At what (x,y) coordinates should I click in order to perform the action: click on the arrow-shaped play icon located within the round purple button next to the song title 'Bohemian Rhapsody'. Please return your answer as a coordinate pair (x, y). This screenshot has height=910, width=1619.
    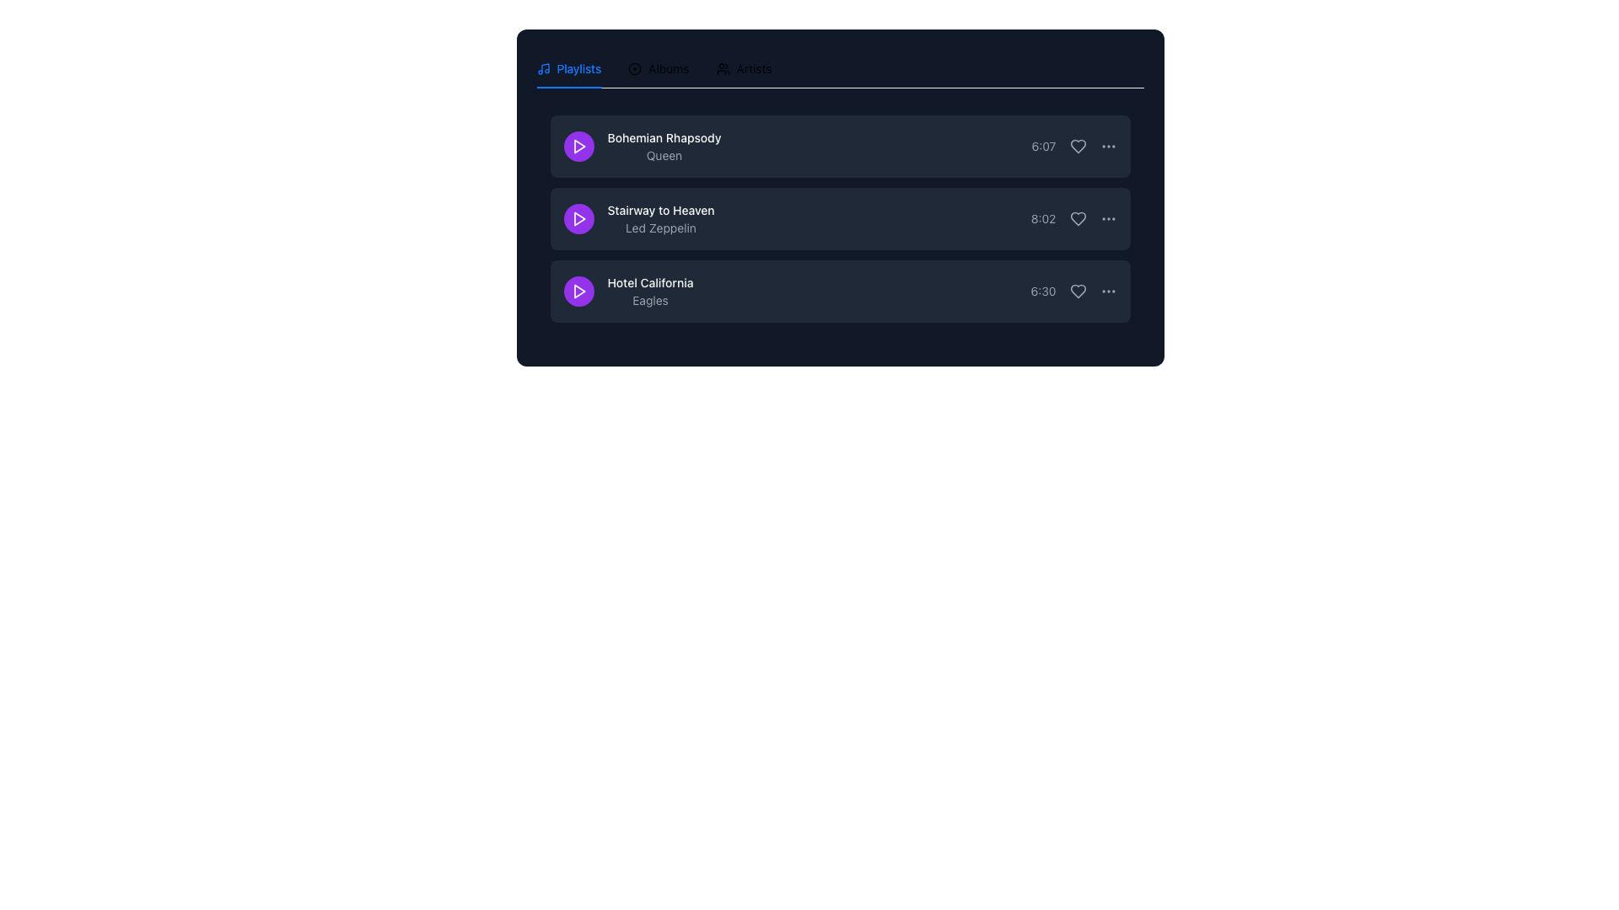
    Looking at the image, I should click on (579, 145).